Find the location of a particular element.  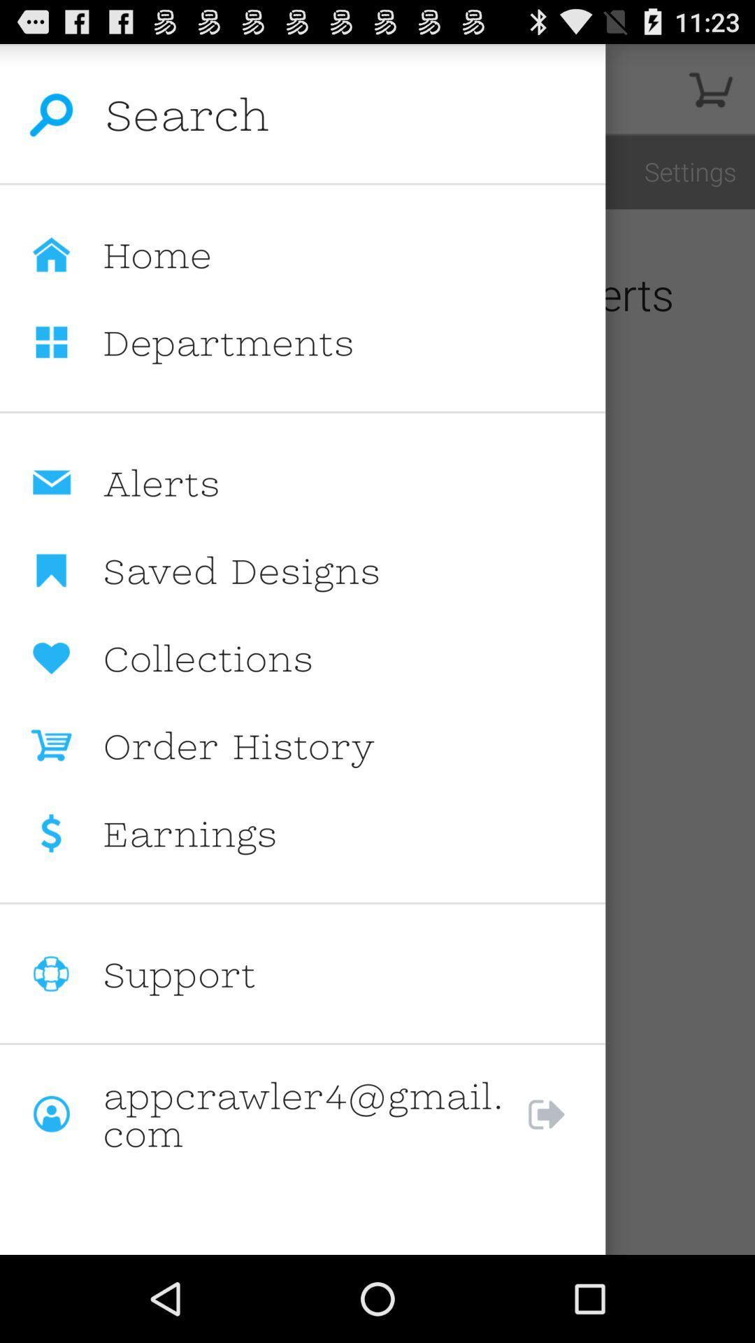

the cart icon is located at coordinates (711, 95).